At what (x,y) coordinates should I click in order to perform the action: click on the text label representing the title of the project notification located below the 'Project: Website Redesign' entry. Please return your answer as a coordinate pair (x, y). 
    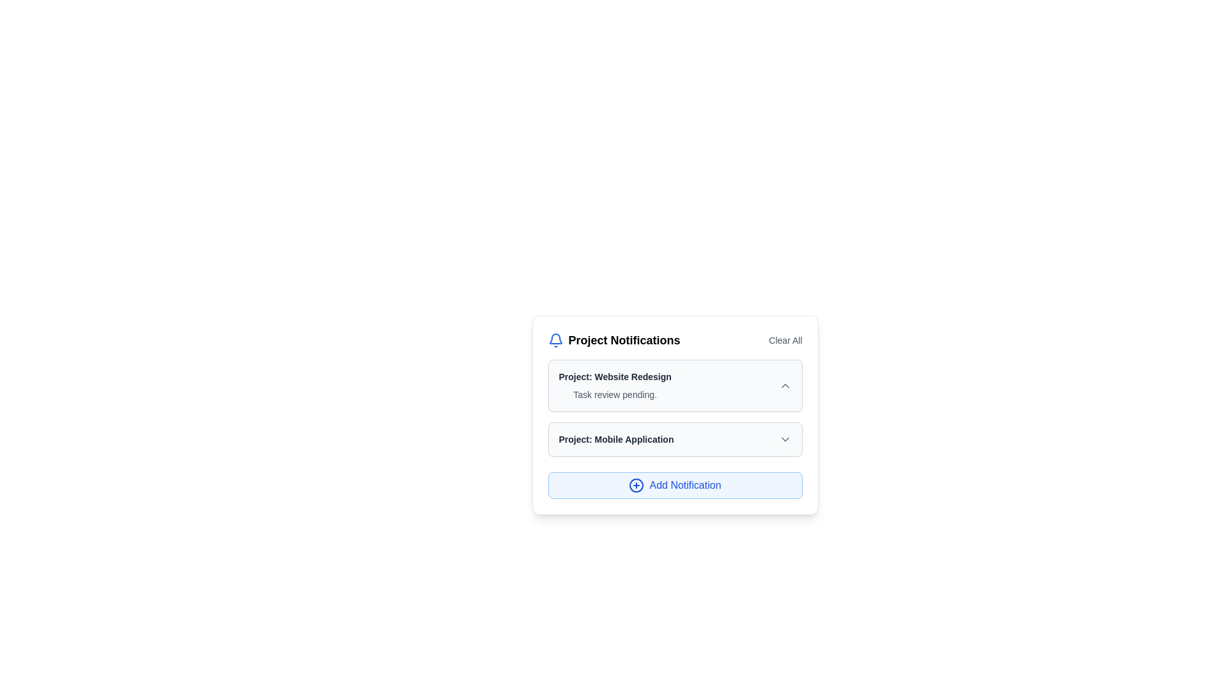
    Looking at the image, I should click on (616, 438).